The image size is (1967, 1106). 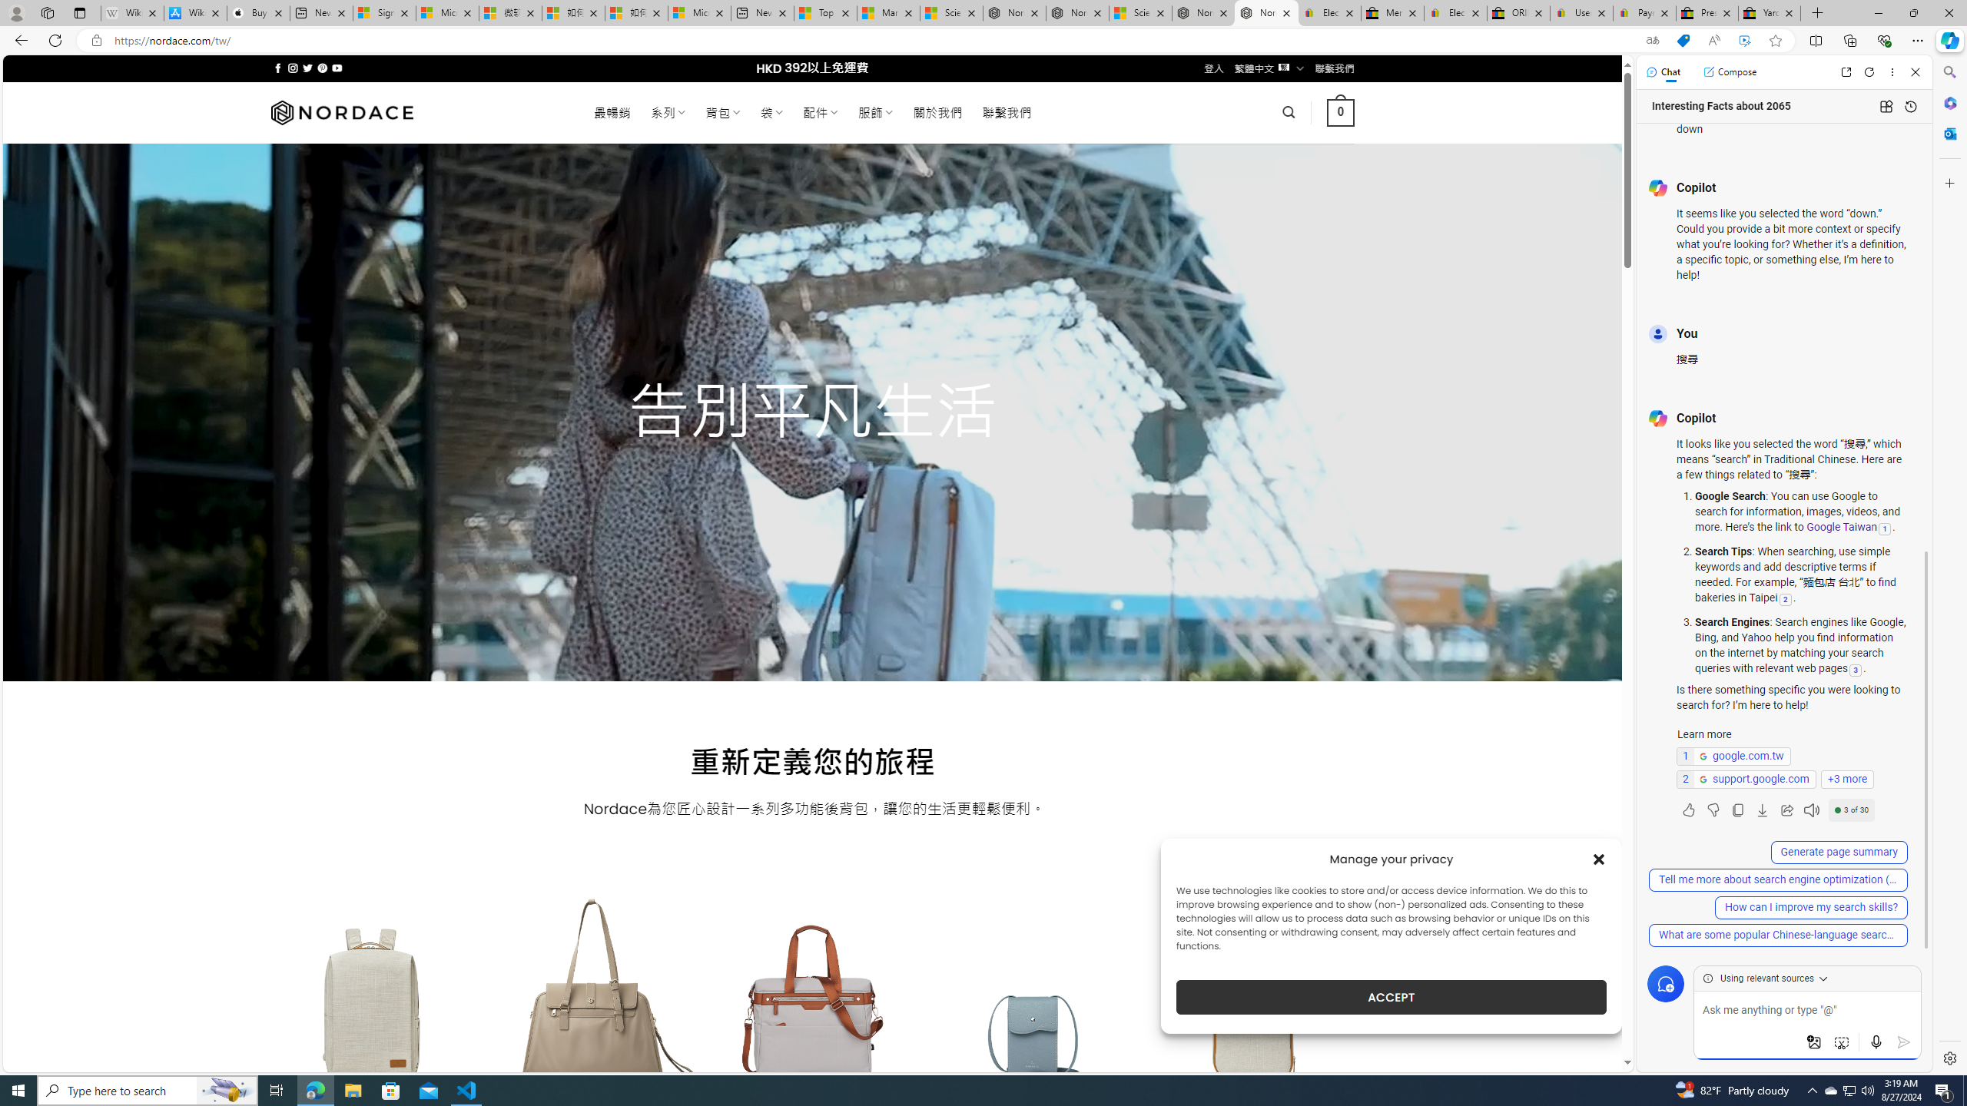 What do you see at coordinates (824, 12) in the screenshot?
I see `'Top Stories - MSN'` at bounding box center [824, 12].